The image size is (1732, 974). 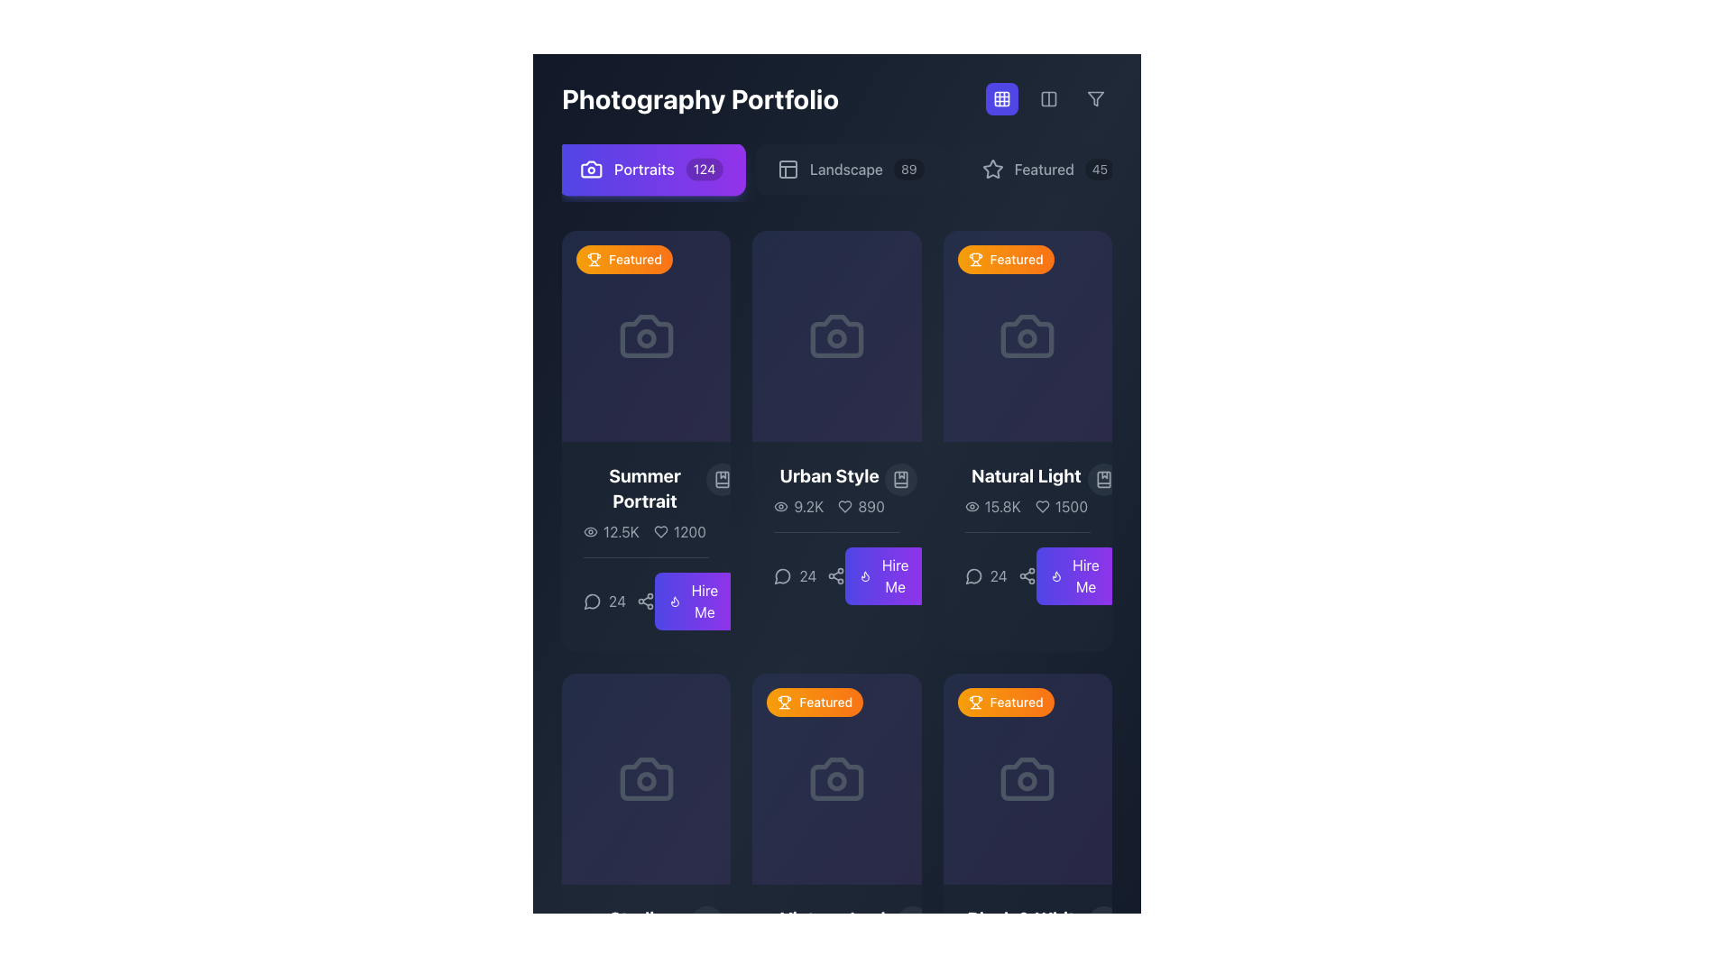 What do you see at coordinates (991, 170) in the screenshot?
I see `the star icon that visually represents the 'Featured' label, which is located to the left of the text 'Featured' and aligned with the number '45' in the top menu bar` at bounding box center [991, 170].